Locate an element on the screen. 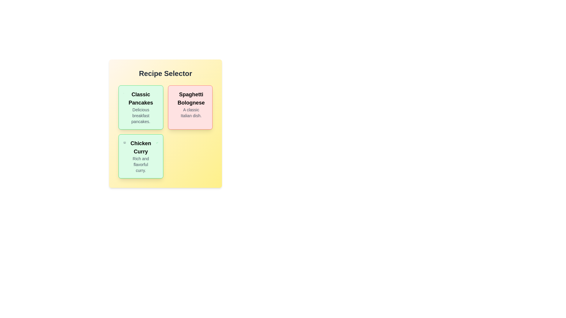 The width and height of the screenshot is (566, 318). the recipe Spaghetti Bolognese is located at coordinates (190, 107).